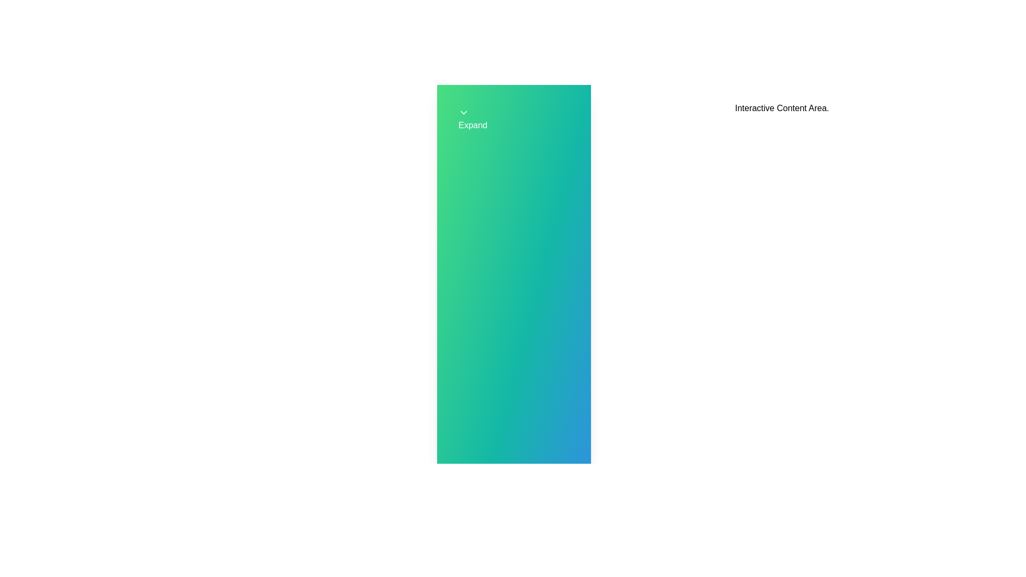 Image resolution: width=1026 pixels, height=577 pixels. Describe the element at coordinates (514, 119) in the screenshot. I see `the 'Expand' button to toggle the drawer's visibility` at that location.